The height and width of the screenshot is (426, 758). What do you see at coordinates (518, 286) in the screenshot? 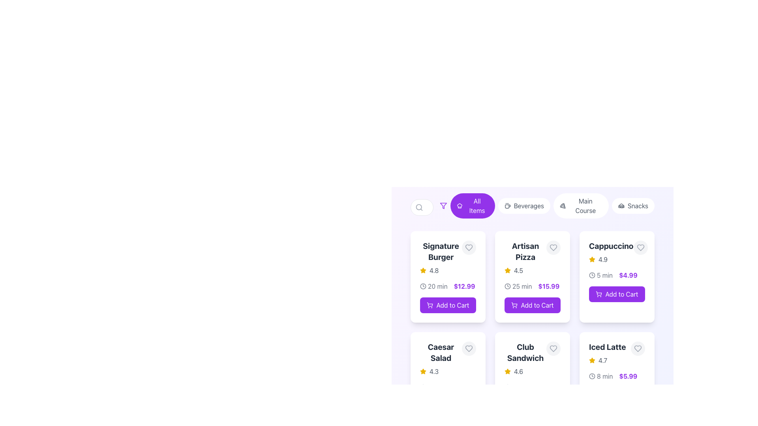
I see `the Time indicator label displaying '25 min' which conveys estimated preparation or delivery time for a product or service` at bounding box center [518, 286].